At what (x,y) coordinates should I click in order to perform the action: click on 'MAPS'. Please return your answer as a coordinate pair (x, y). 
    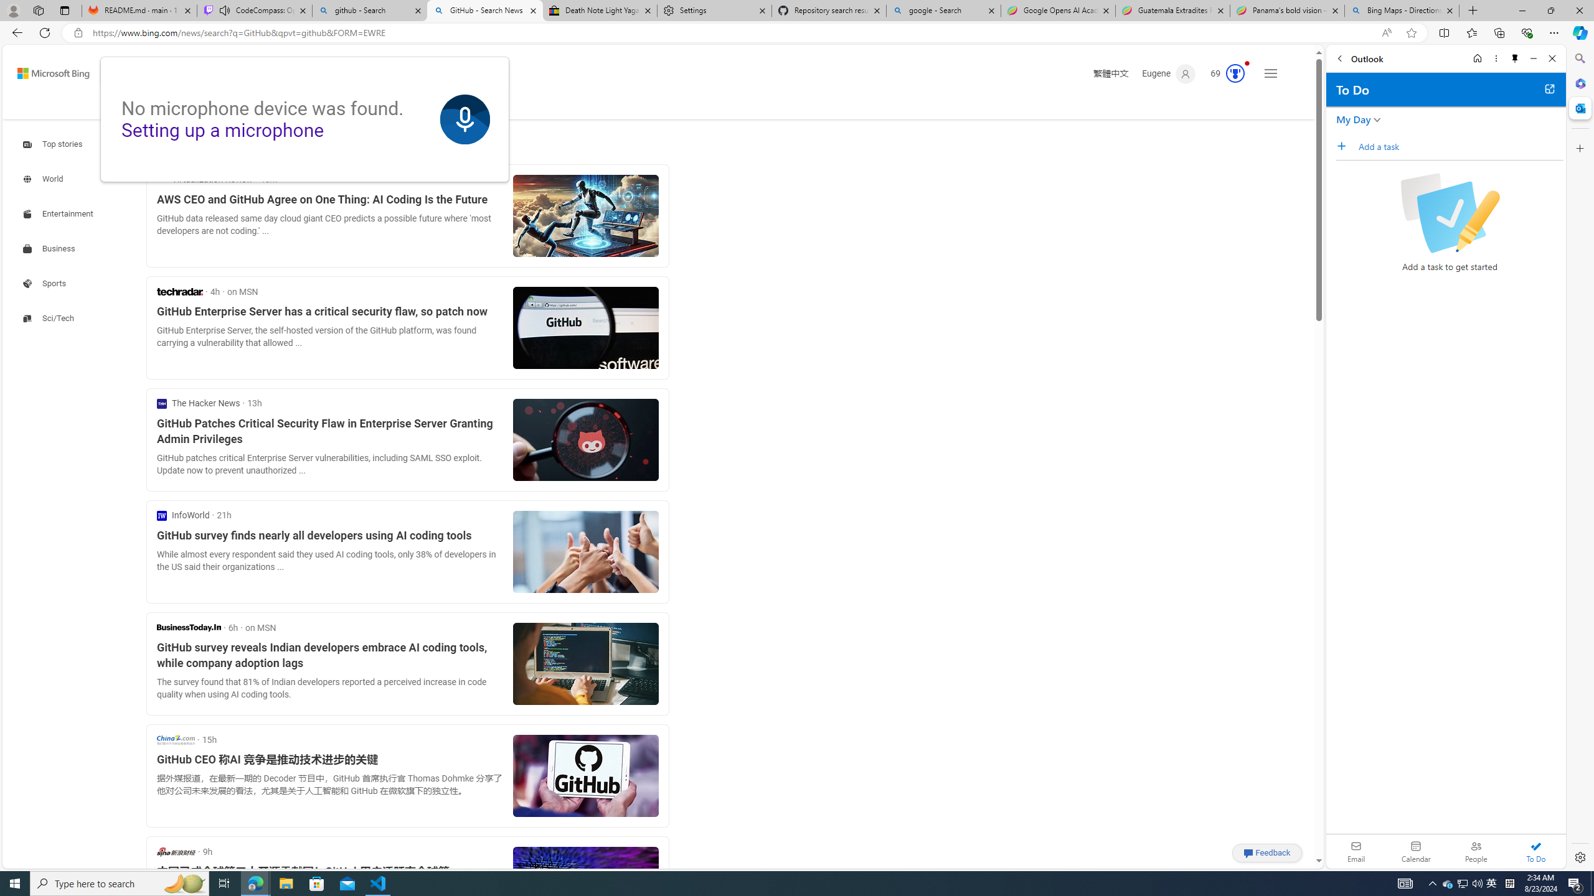
    Looking at the image, I should click on (340, 105).